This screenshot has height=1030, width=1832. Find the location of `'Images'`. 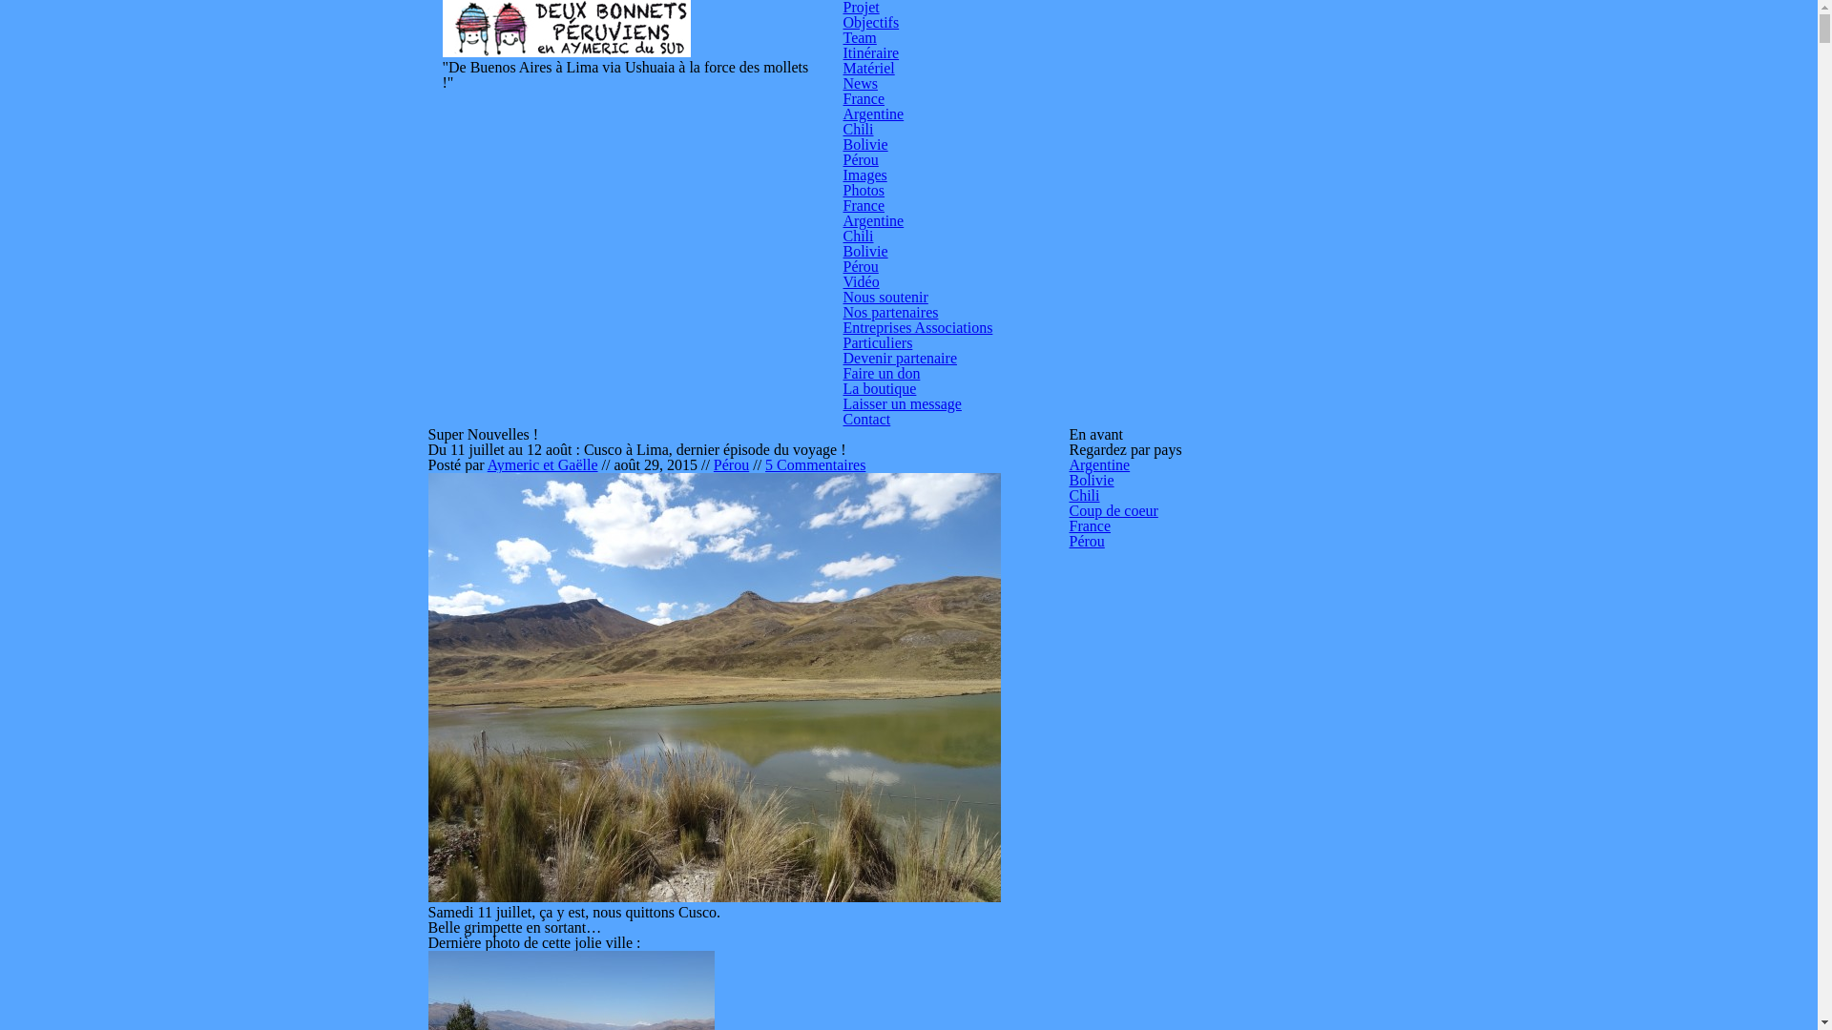

'Images' is located at coordinates (864, 175).